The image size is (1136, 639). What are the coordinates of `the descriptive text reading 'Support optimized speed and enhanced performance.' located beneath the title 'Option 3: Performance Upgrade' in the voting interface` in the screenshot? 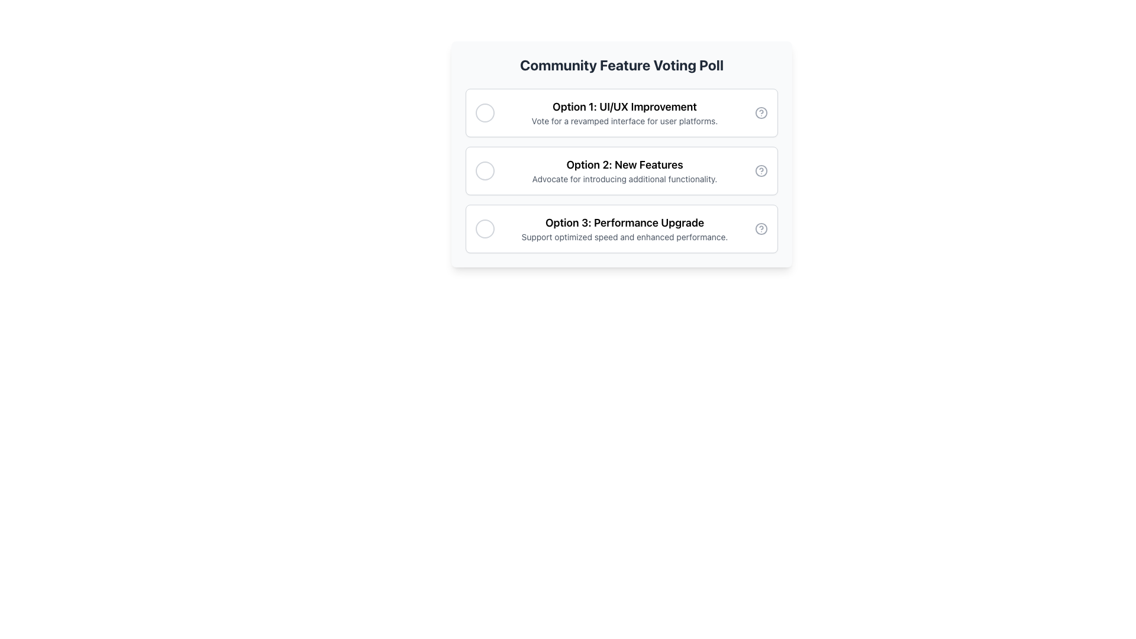 It's located at (624, 237).